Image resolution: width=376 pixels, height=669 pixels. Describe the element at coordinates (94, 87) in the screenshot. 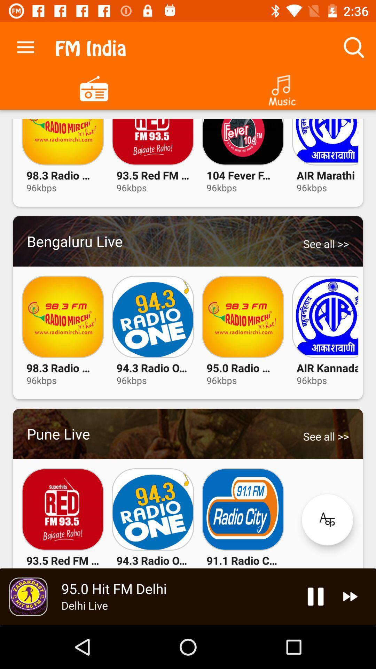

I see `goes to radio stations` at that location.